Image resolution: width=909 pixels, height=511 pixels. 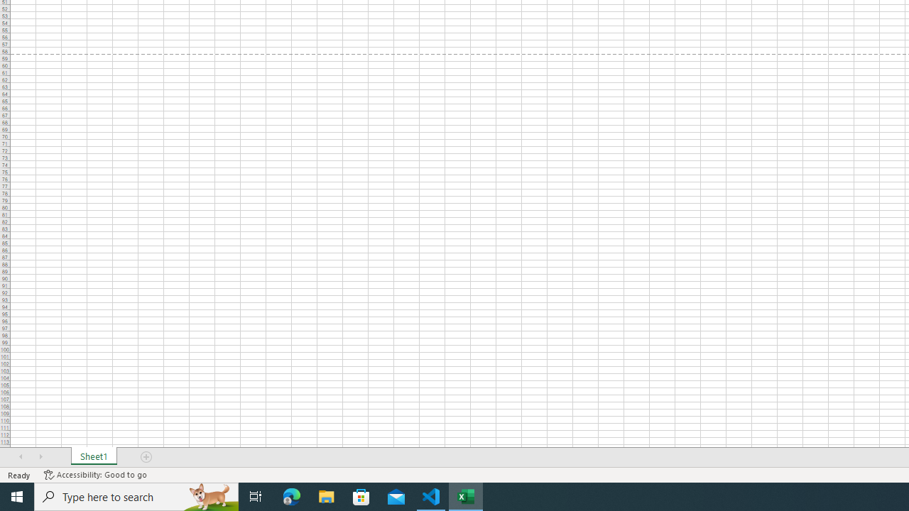 I want to click on 'Add Sheet', so click(x=147, y=457).